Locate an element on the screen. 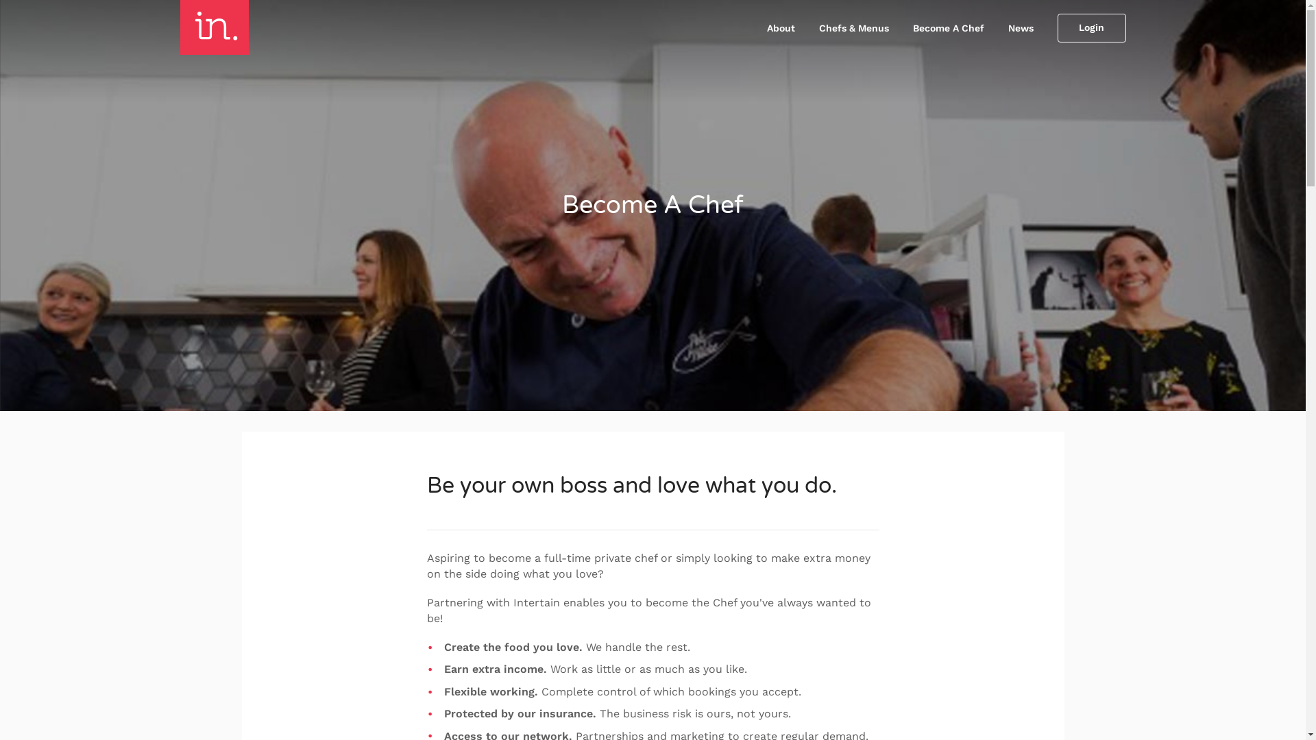  'Chefs & Menus' is located at coordinates (852, 28).